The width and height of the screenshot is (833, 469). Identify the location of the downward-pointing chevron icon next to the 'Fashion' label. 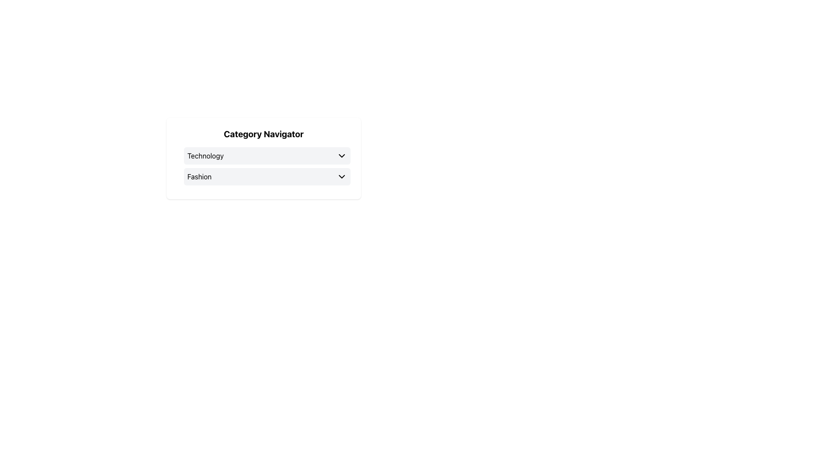
(341, 176).